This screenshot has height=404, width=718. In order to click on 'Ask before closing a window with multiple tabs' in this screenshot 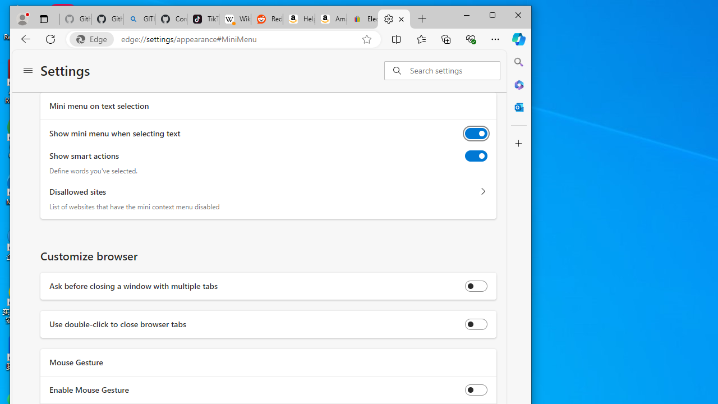, I will do `click(476, 285)`.